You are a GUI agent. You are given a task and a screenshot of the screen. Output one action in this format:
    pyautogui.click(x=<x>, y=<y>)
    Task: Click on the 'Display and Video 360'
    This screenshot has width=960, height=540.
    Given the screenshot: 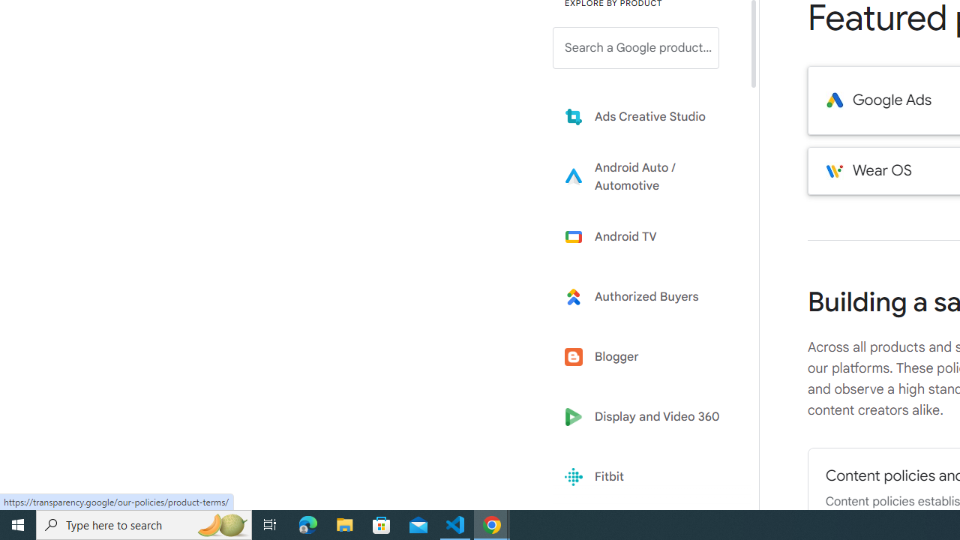 What is the action you would take?
    pyautogui.click(x=646, y=417)
    